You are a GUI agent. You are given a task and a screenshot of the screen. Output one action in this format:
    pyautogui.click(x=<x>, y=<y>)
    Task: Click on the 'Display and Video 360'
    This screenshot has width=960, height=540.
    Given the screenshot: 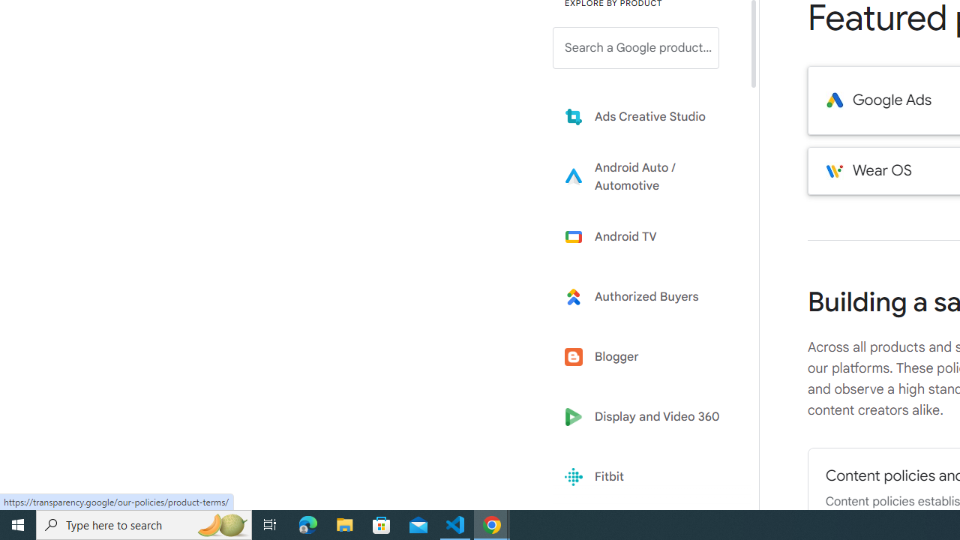 What is the action you would take?
    pyautogui.click(x=646, y=417)
    